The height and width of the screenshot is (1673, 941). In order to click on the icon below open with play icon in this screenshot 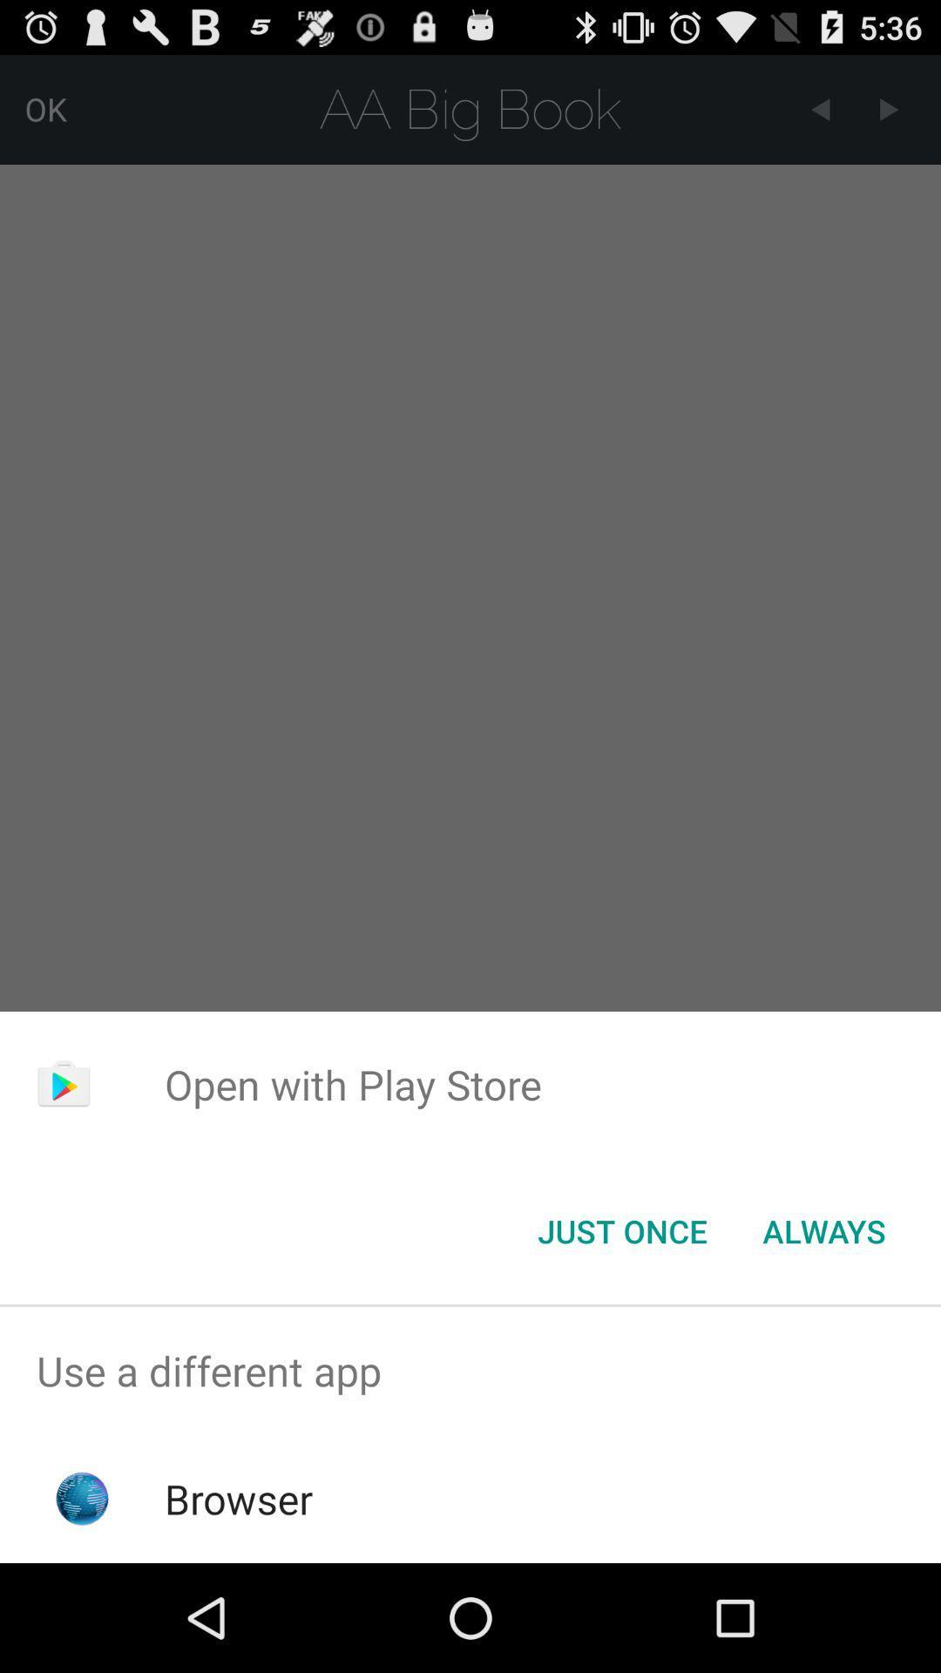, I will do `click(621, 1229)`.